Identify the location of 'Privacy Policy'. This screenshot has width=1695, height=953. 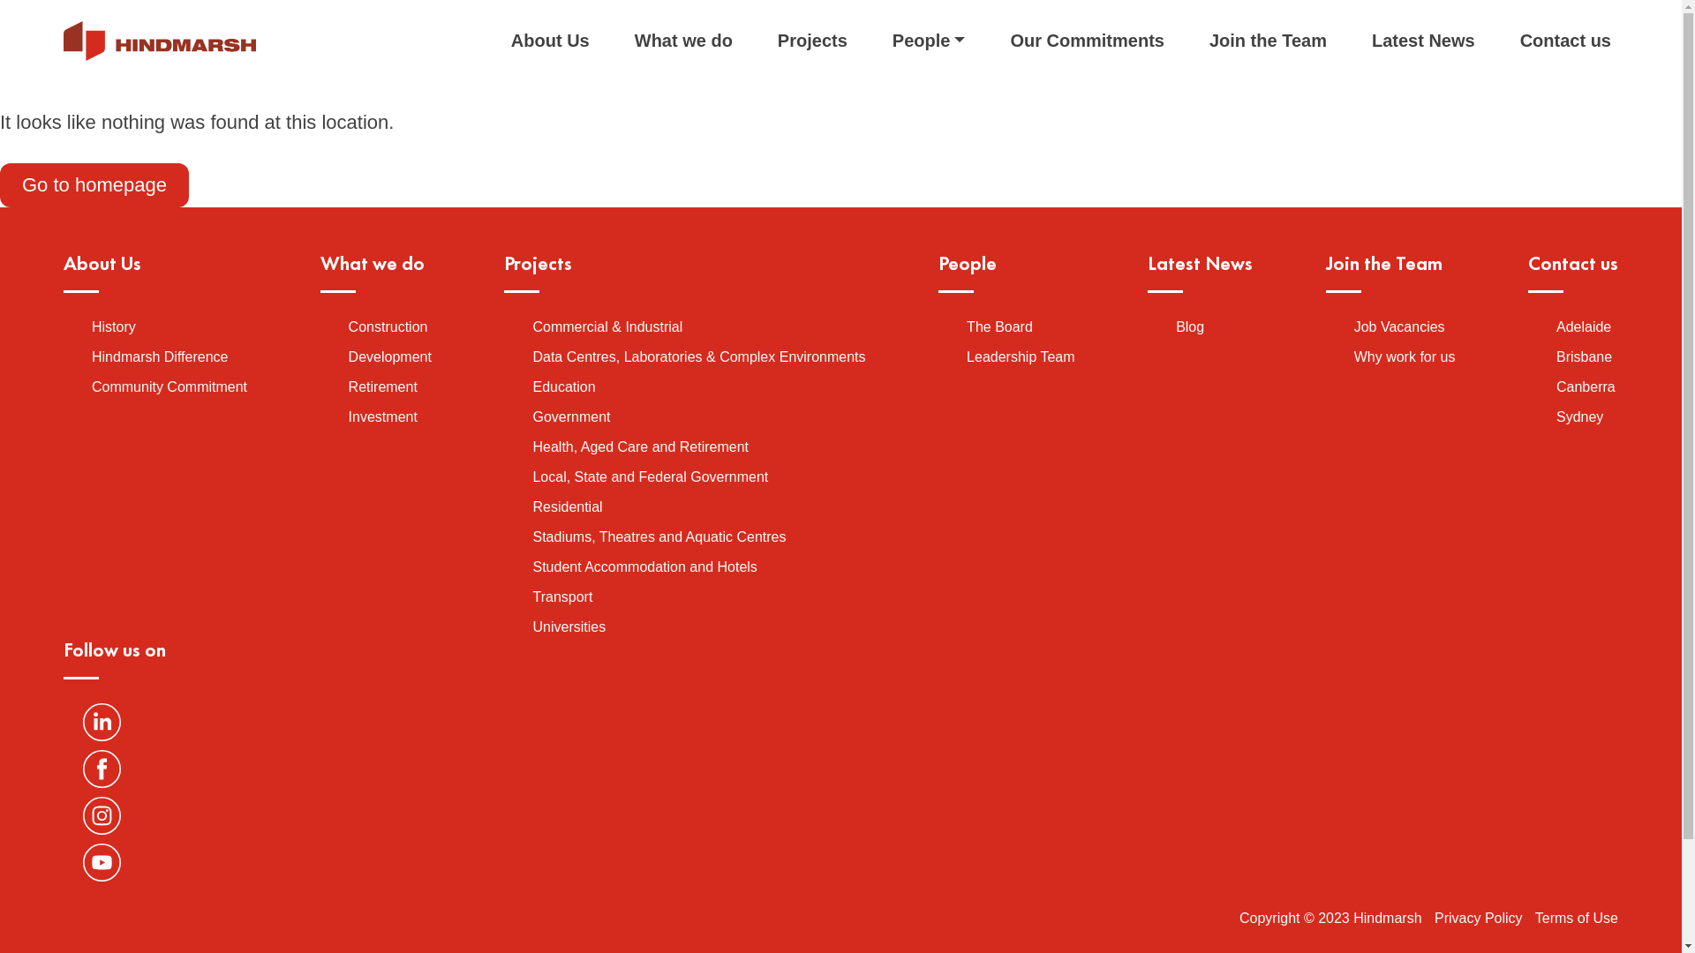
(1435, 917).